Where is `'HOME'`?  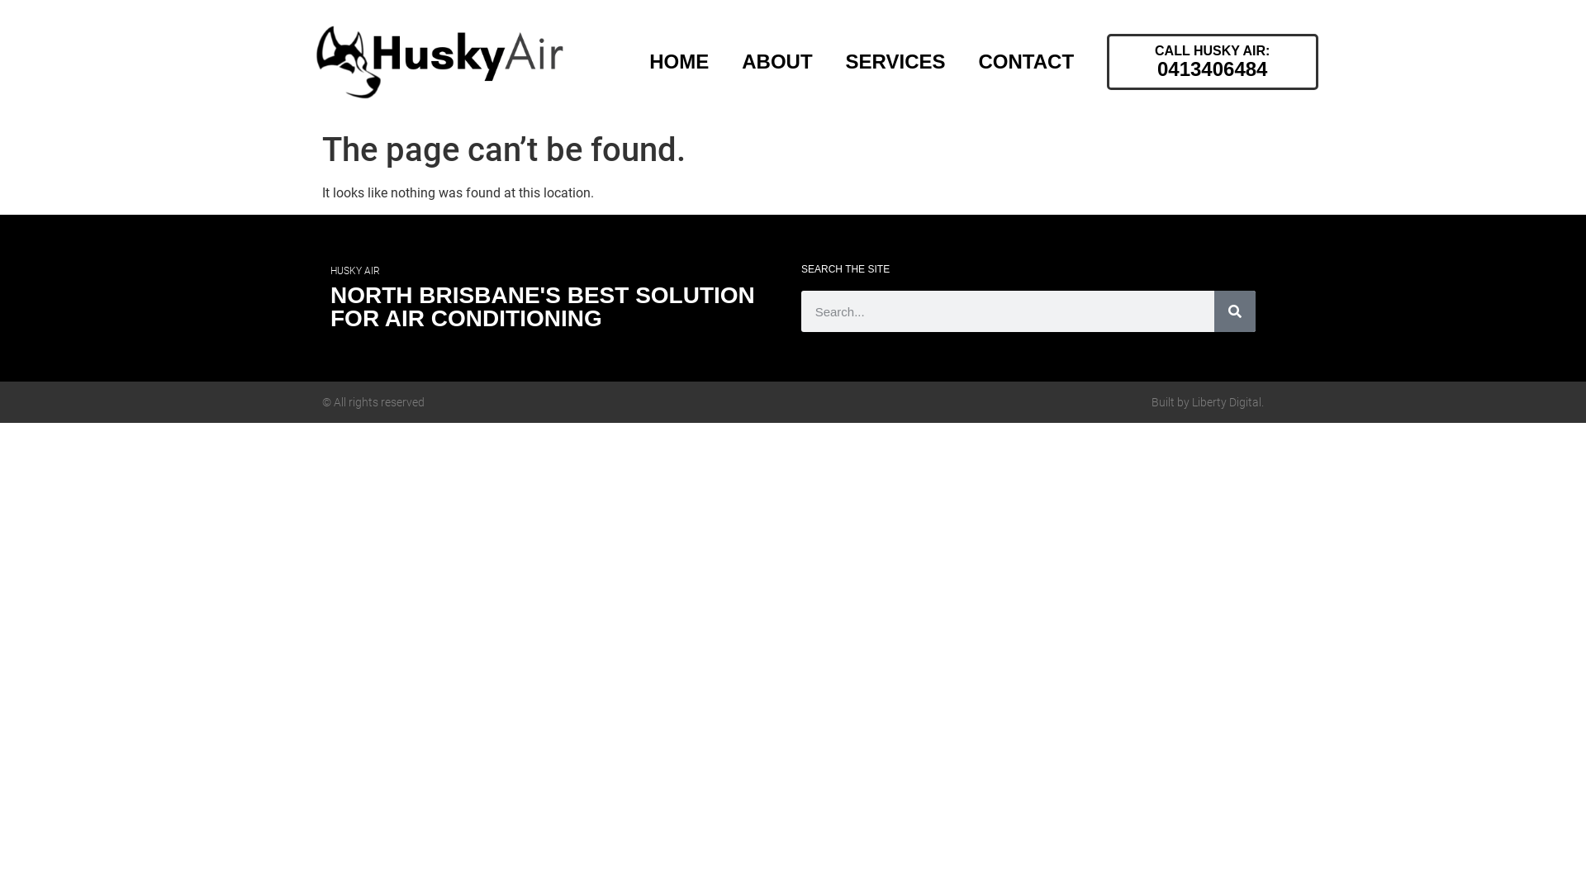
'HOME' is located at coordinates (678, 60).